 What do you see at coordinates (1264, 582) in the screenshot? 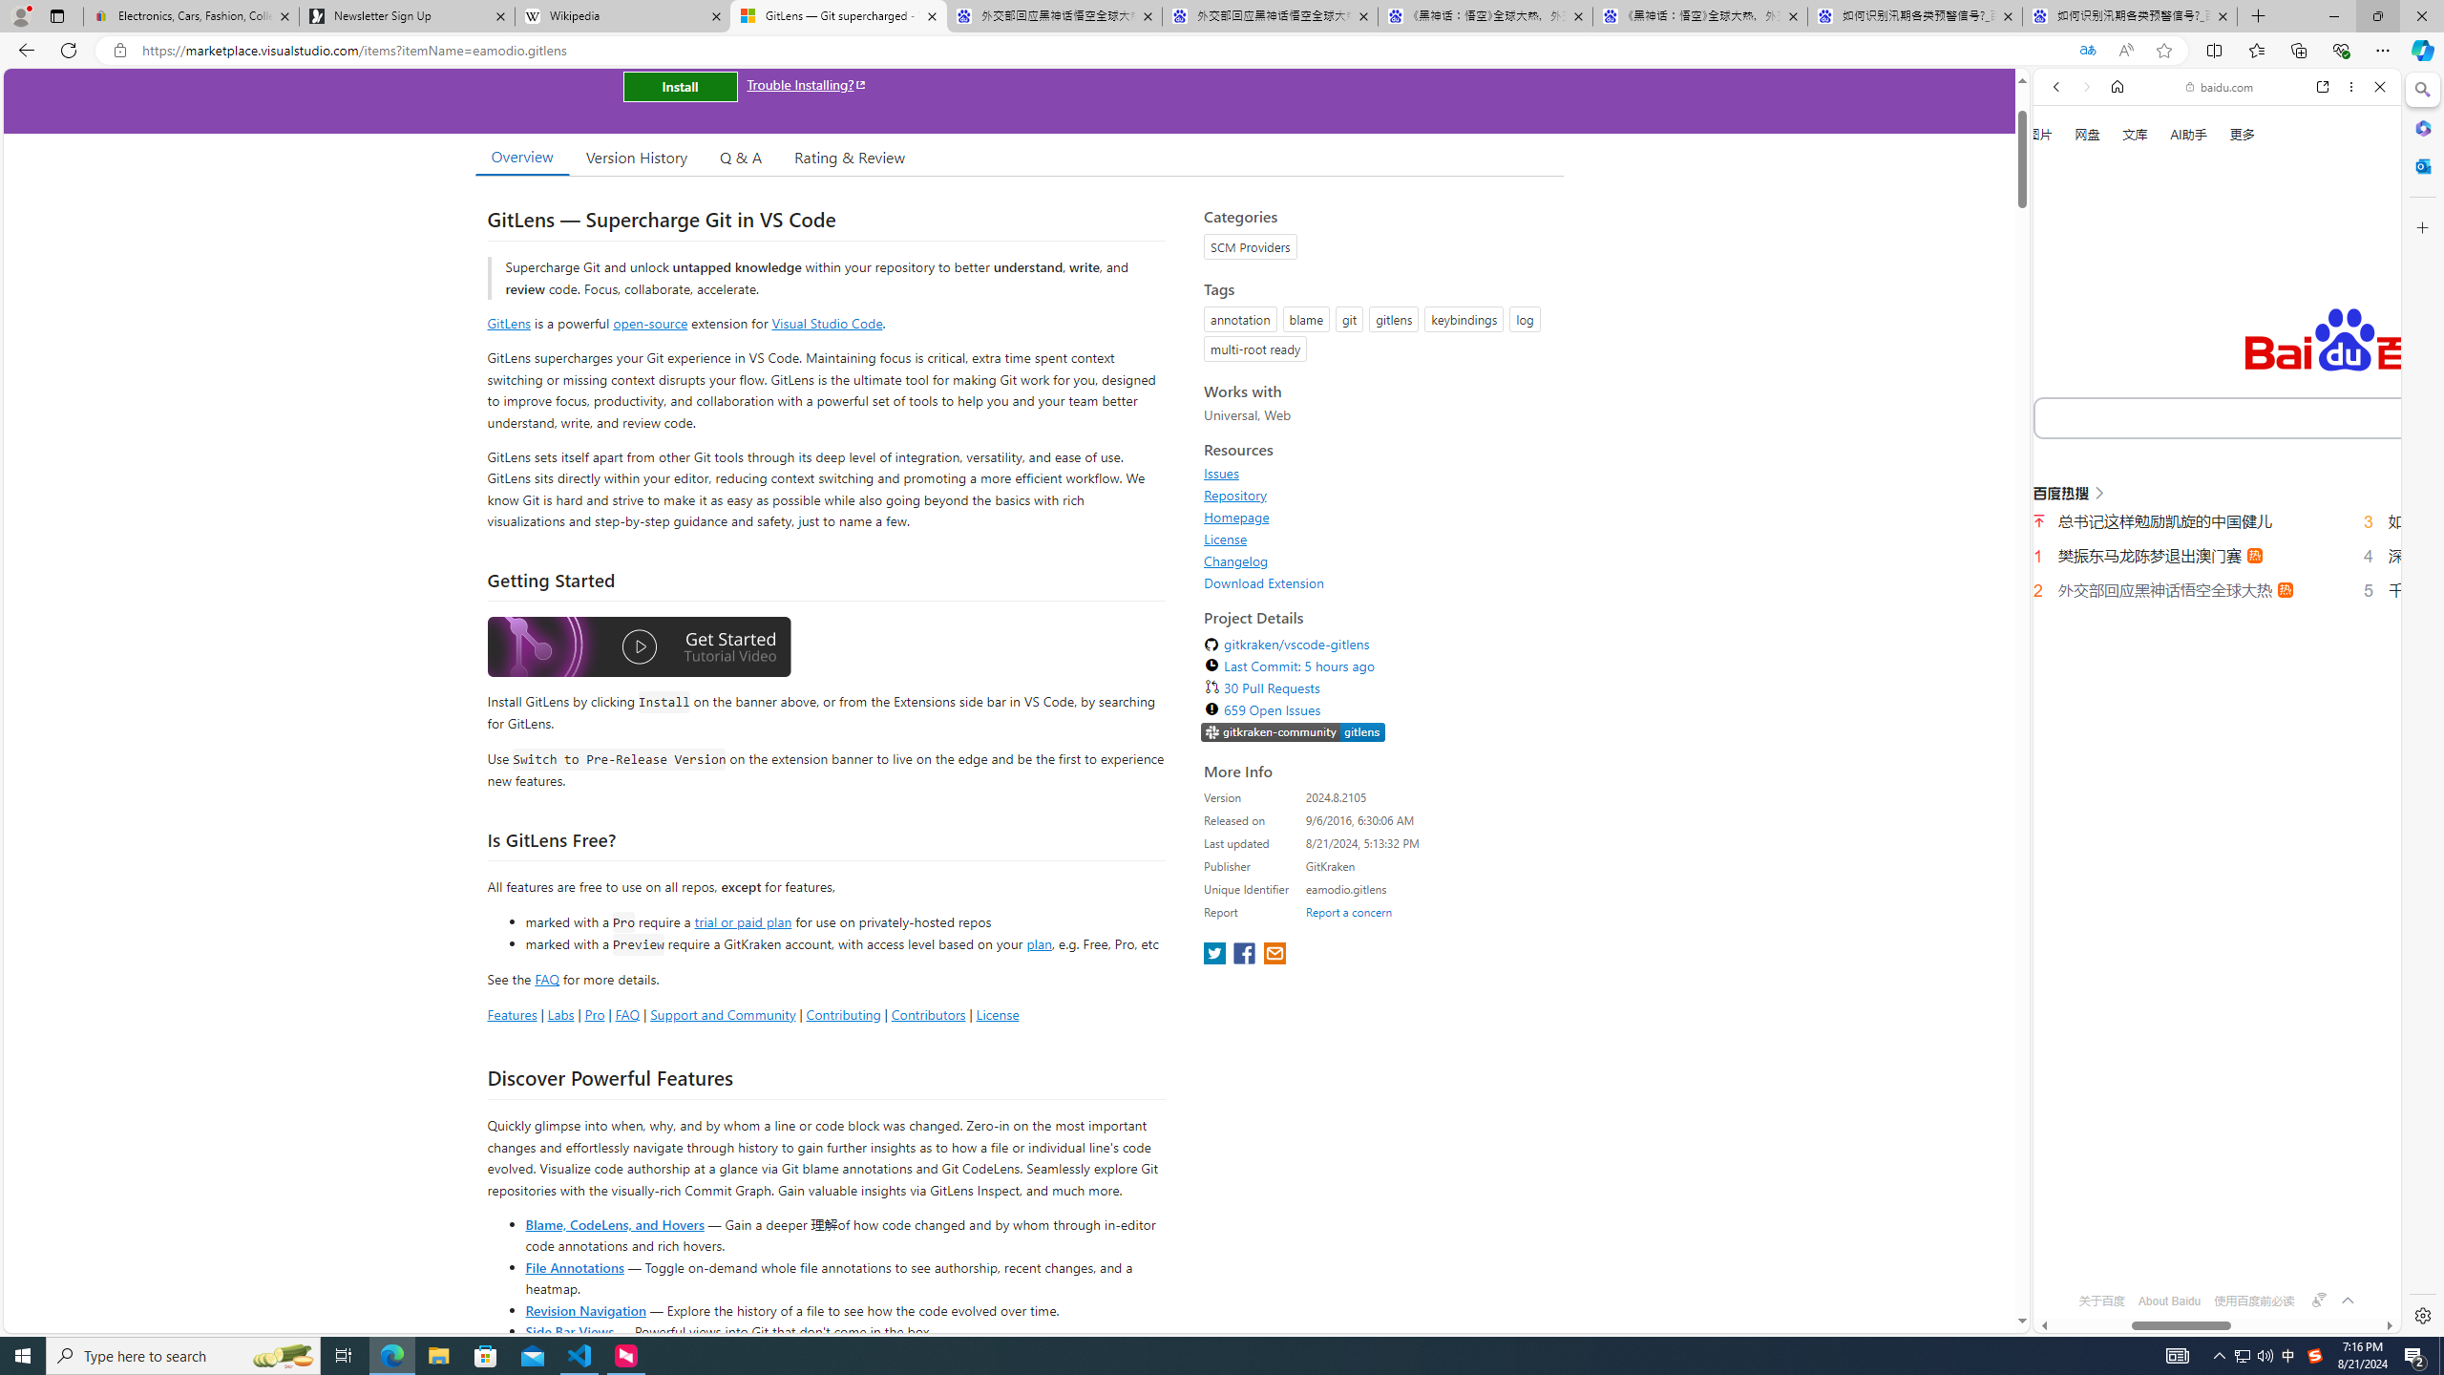
I see `'Download Extension'` at bounding box center [1264, 582].